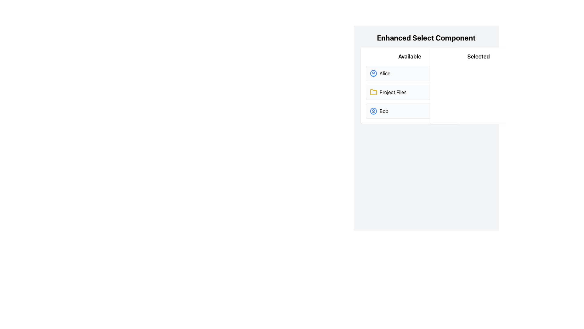 Image resolution: width=584 pixels, height=329 pixels. Describe the element at coordinates (373, 92) in the screenshot. I see `the folder icon located in the 'Available' section, next to the text 'Project Files'` at that location.